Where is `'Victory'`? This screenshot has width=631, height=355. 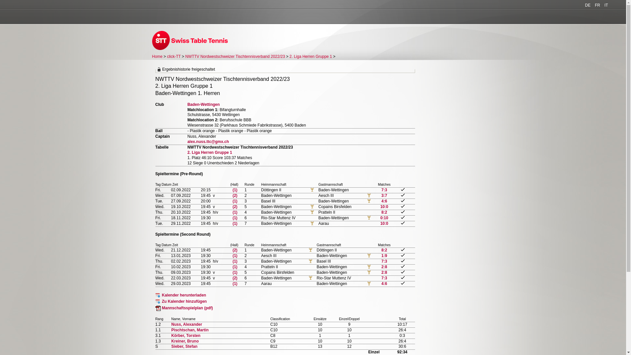 'Victory' is located at coordinates (310, 250).